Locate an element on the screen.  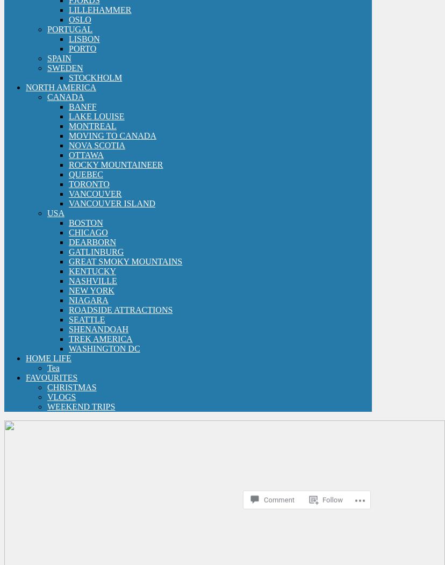
'WASHINGTON DC' is located at coordinates (104, 348).